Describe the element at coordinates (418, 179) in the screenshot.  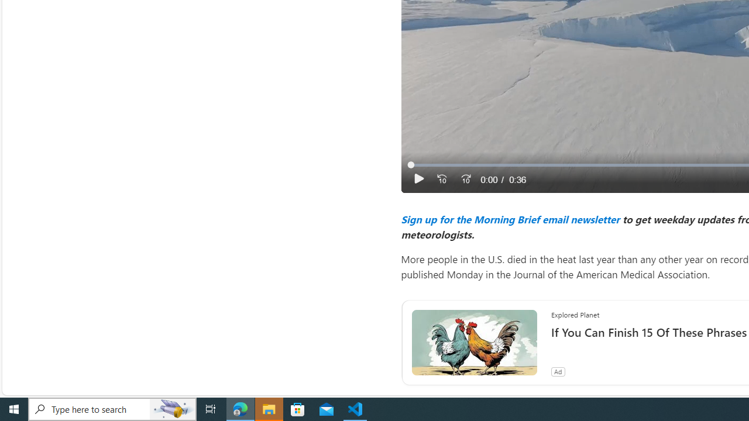
I see `'Play'` at that location.